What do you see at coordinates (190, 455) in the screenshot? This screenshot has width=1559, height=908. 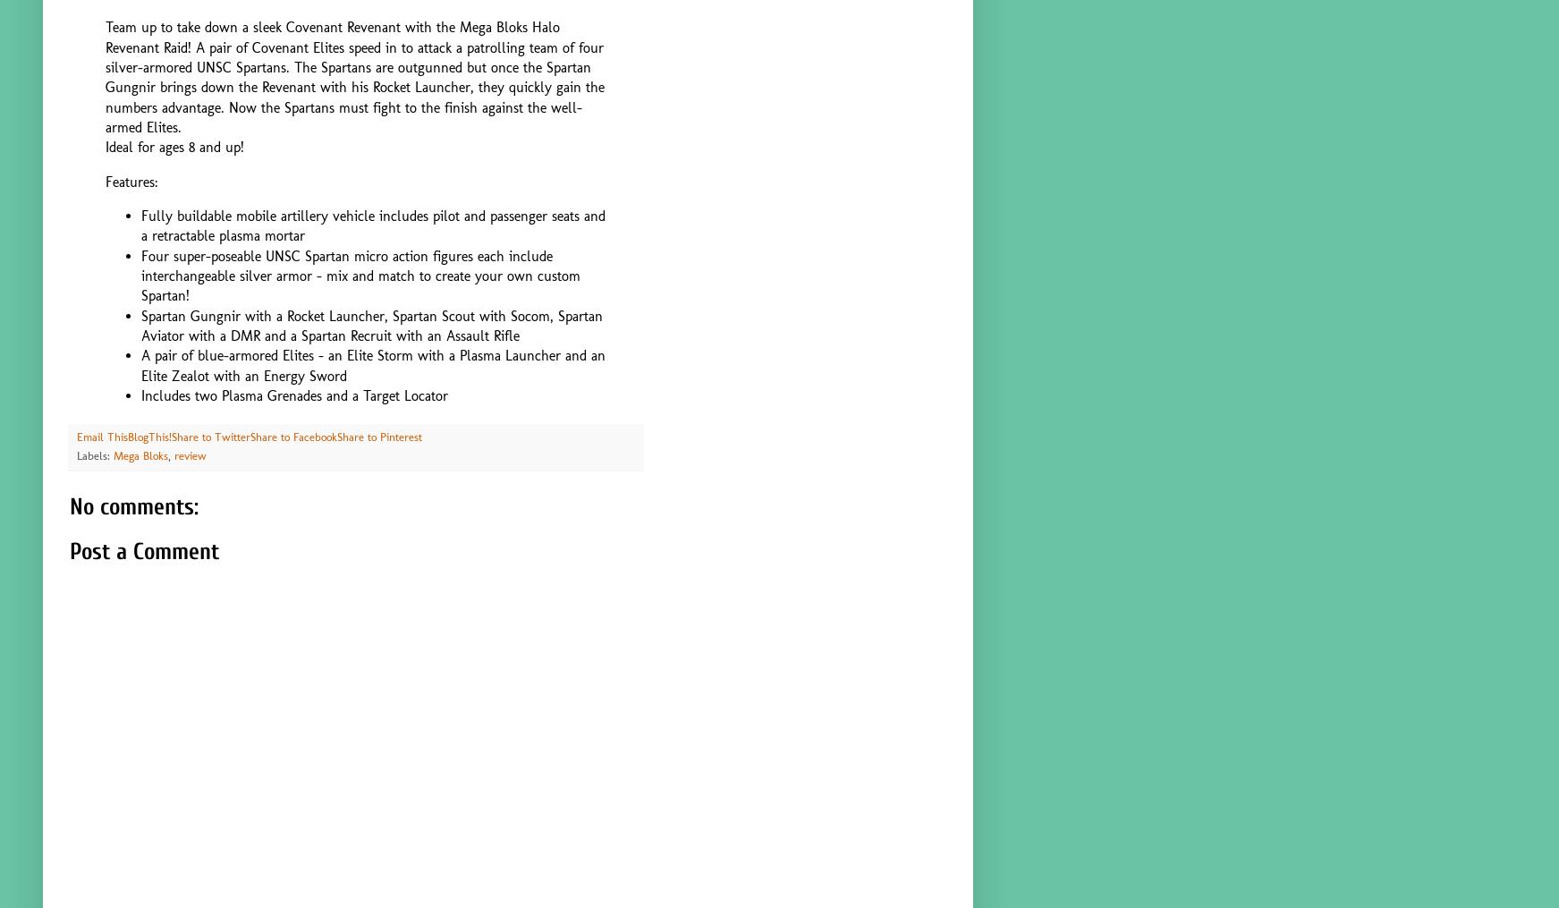 I see `'review'` at bounding box center [190, 455].